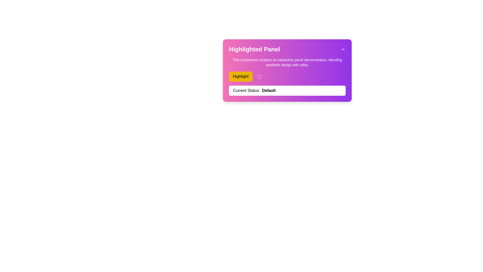 The width and height of the screenshot is (483, 272). What do you see at coordinates (268, 90) in the screenshot?
I see `the bold text label indicating the current status, which reads 'Default', located within the purple panel labeled 'Current Status: Default'` at bounding box center [268, 90].